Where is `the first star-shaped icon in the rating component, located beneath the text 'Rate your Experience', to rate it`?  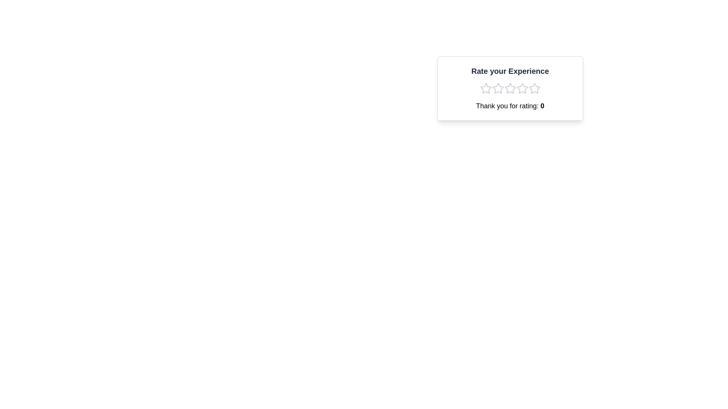 the first star-shaped icon in the rating component, located beneath the text 'Rate your Experience', to rate it is located at coordinates (486, 88).